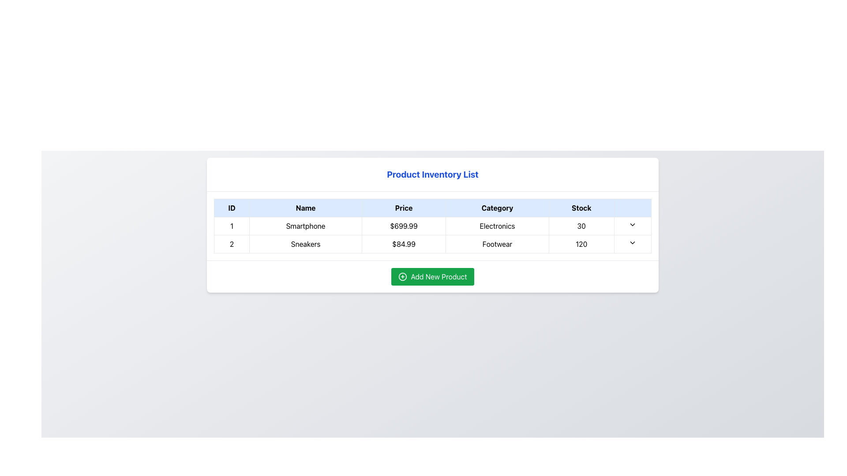 Image resolution: width=847 pixels, height=476 pixels. Describe the element at coordinates (632, 244) in the screenshot. I see `the dropdown menu activator button located in the last column of the second row under the 'Product Inventory List' for the 'Sneakers' entry` at that location.